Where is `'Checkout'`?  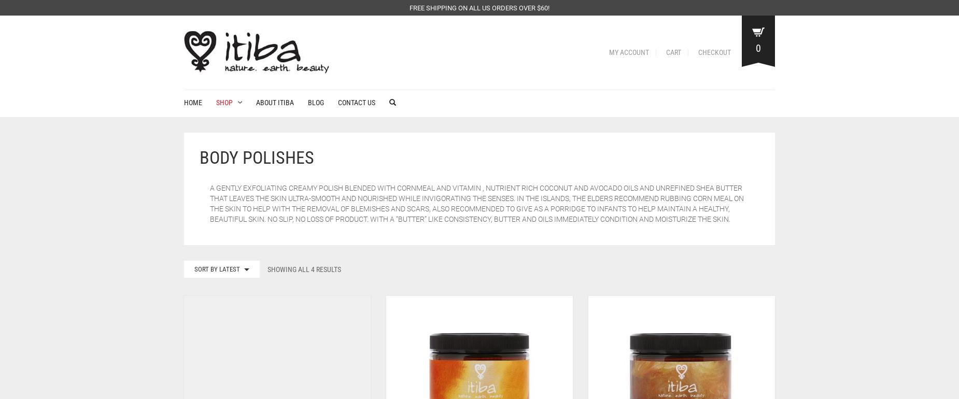 'Checkout' is located at coordinates (714, 52).